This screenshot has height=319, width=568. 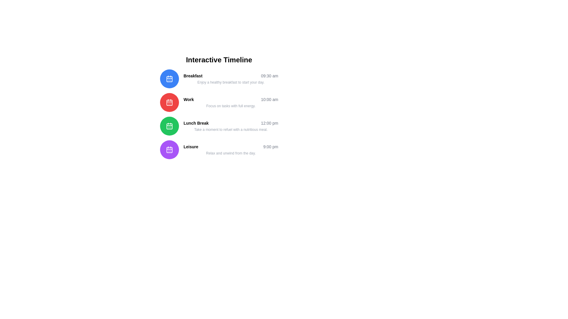 I want to click on the static text element labeled 'Work' on the interactive timeline, positioned to the right of the red calendar icon and left of '10:00 am', so click(x=188, y=99).